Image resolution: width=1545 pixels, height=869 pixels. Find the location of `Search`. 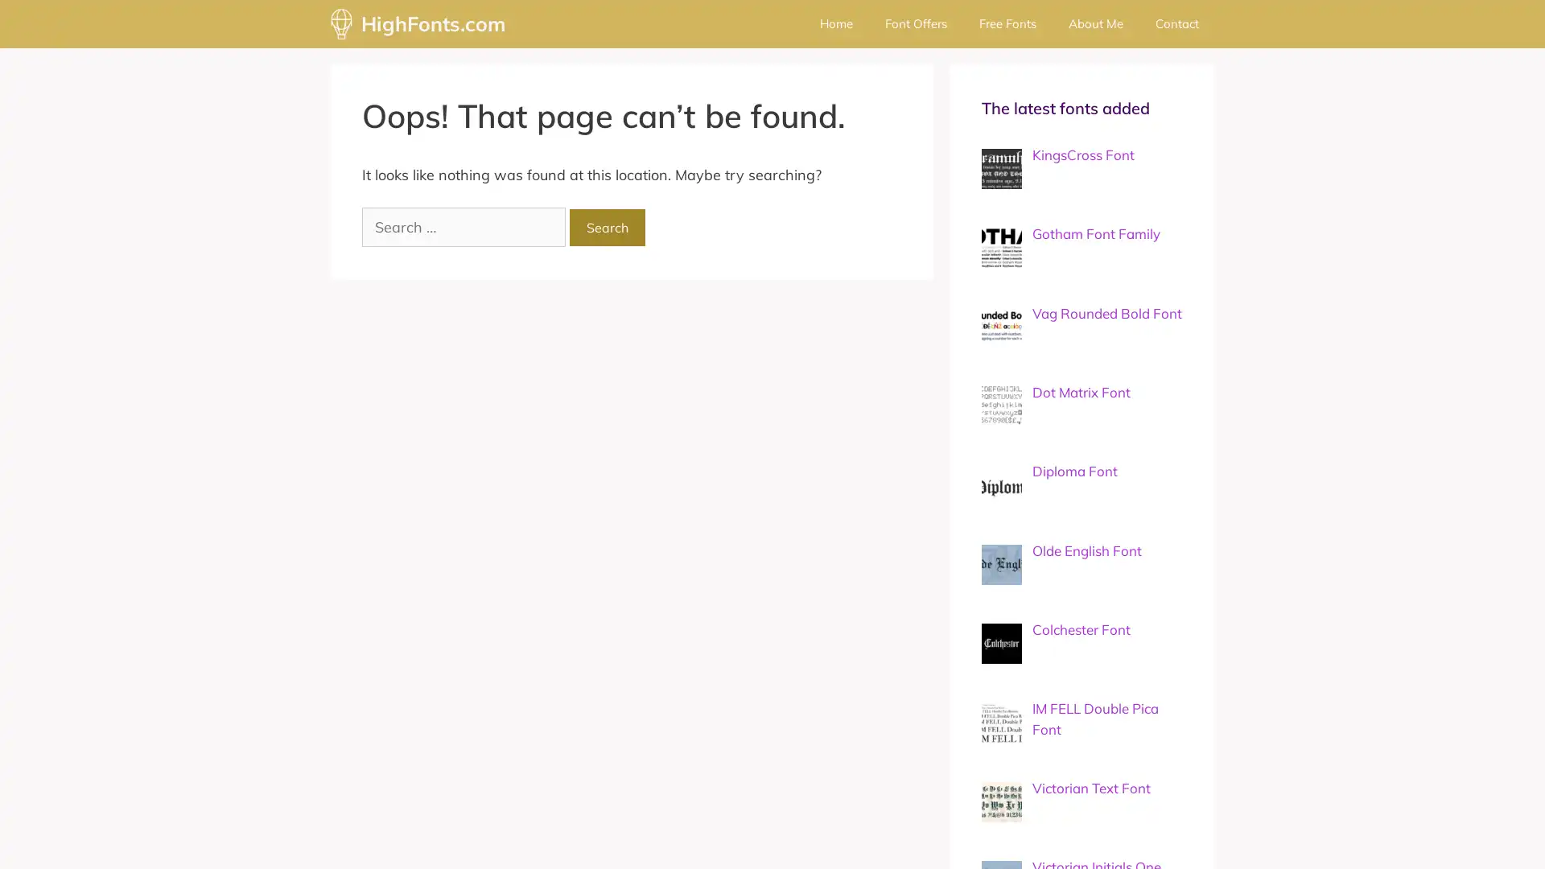

Search is located at coordinates (606, 227).